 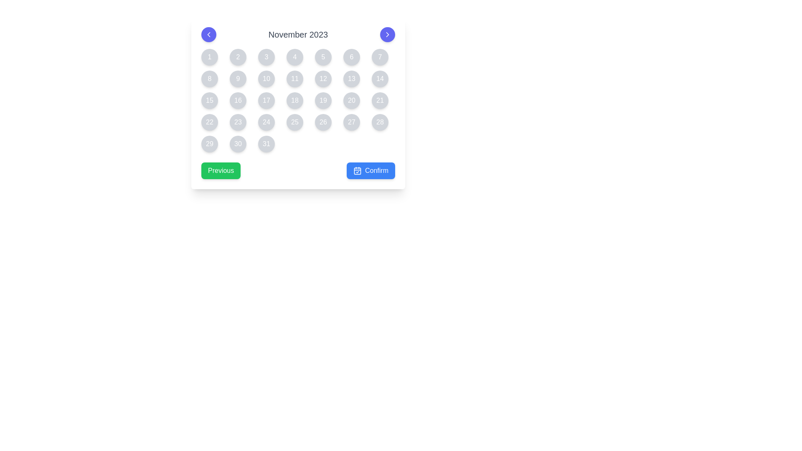 What do you see at coordinates (351, 122) in the screenshot?
I see `the selectable day button for '27' in the calendar` at bounding box center [351, 122].